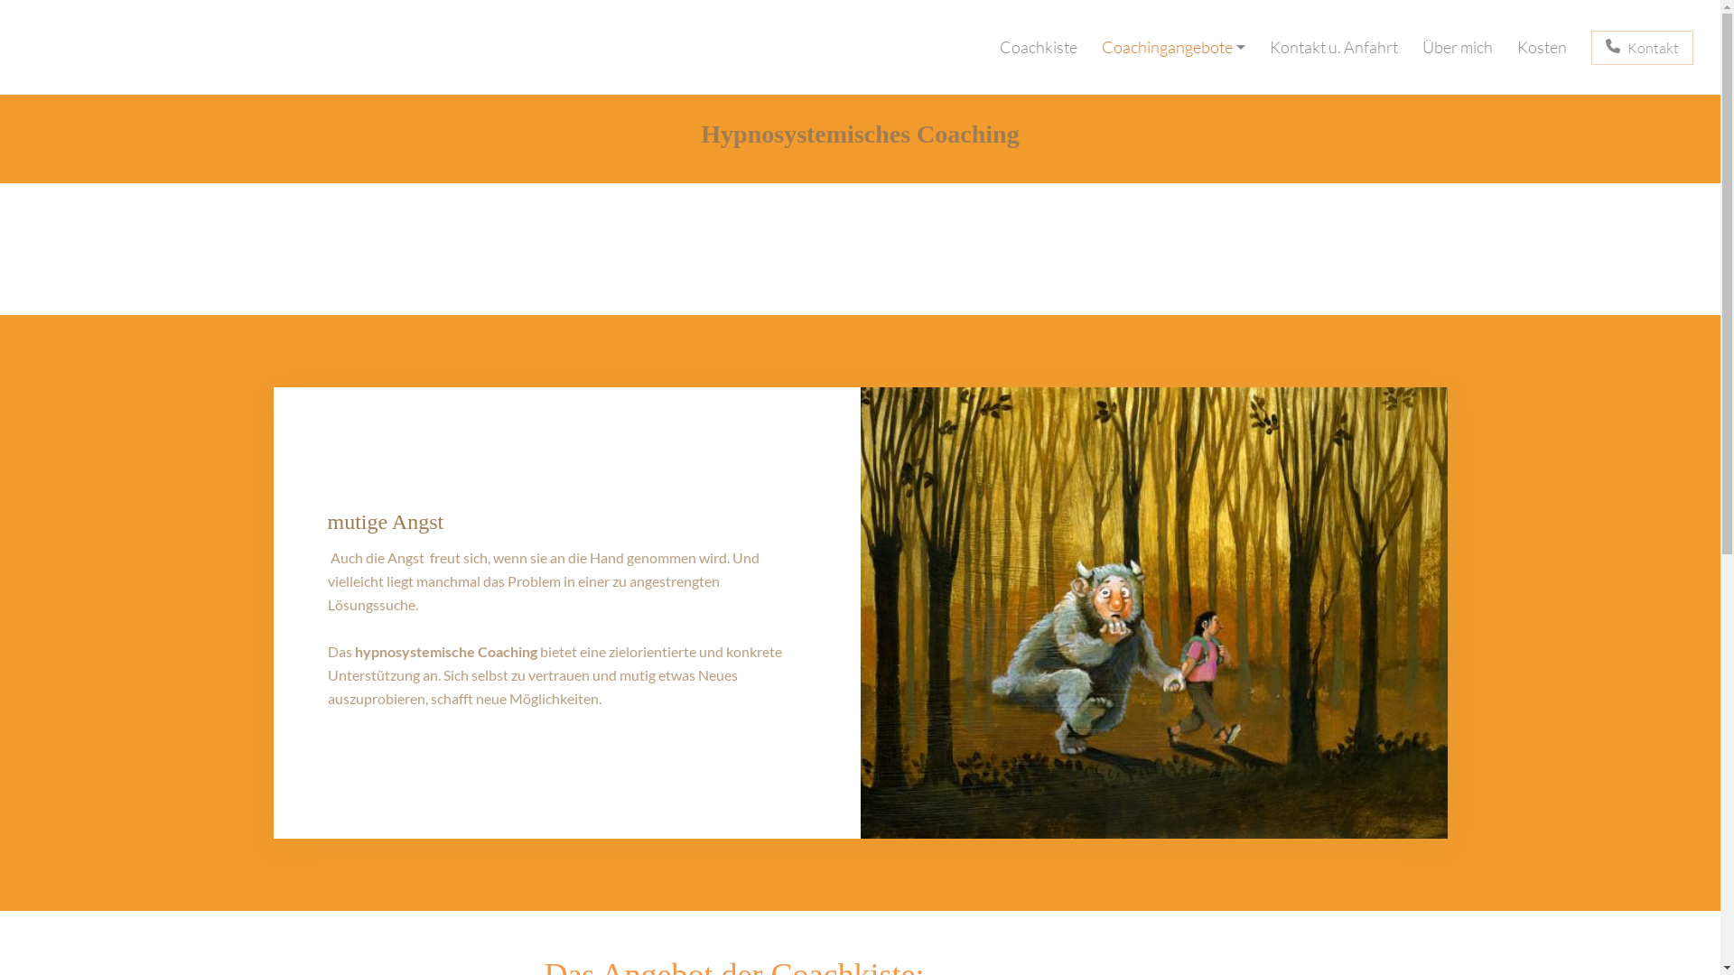  I want to click on 'Kontakt u. Anfahrt', so click(1334, 45).